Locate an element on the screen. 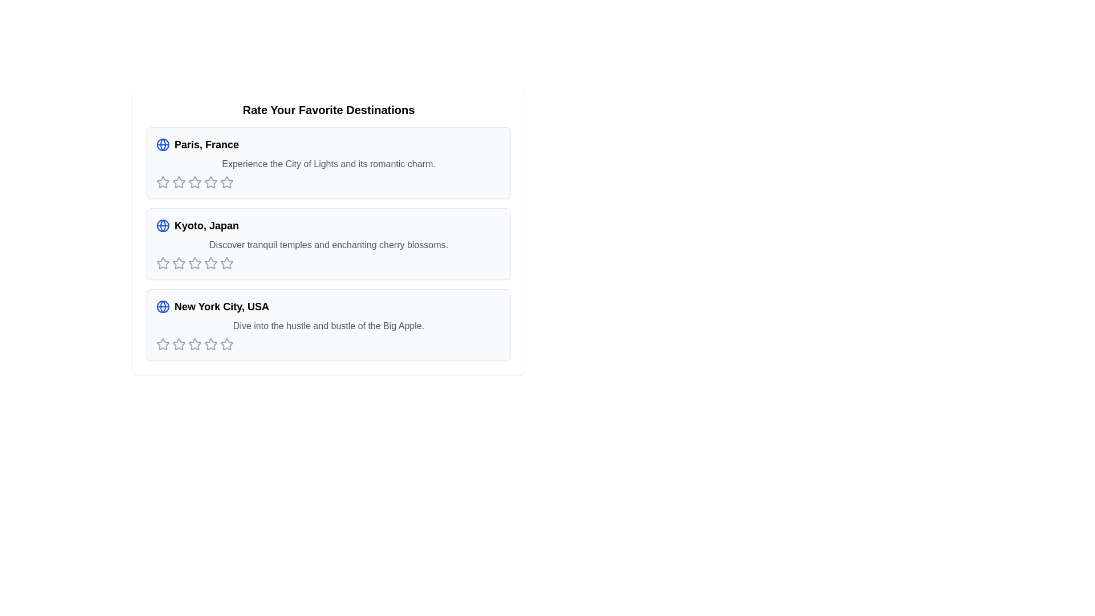 This screenshot has height=616, width=1095. a star in the rating stars component located at the bottom of the 'New York City, USA' card is located at coordinates (328, 344).